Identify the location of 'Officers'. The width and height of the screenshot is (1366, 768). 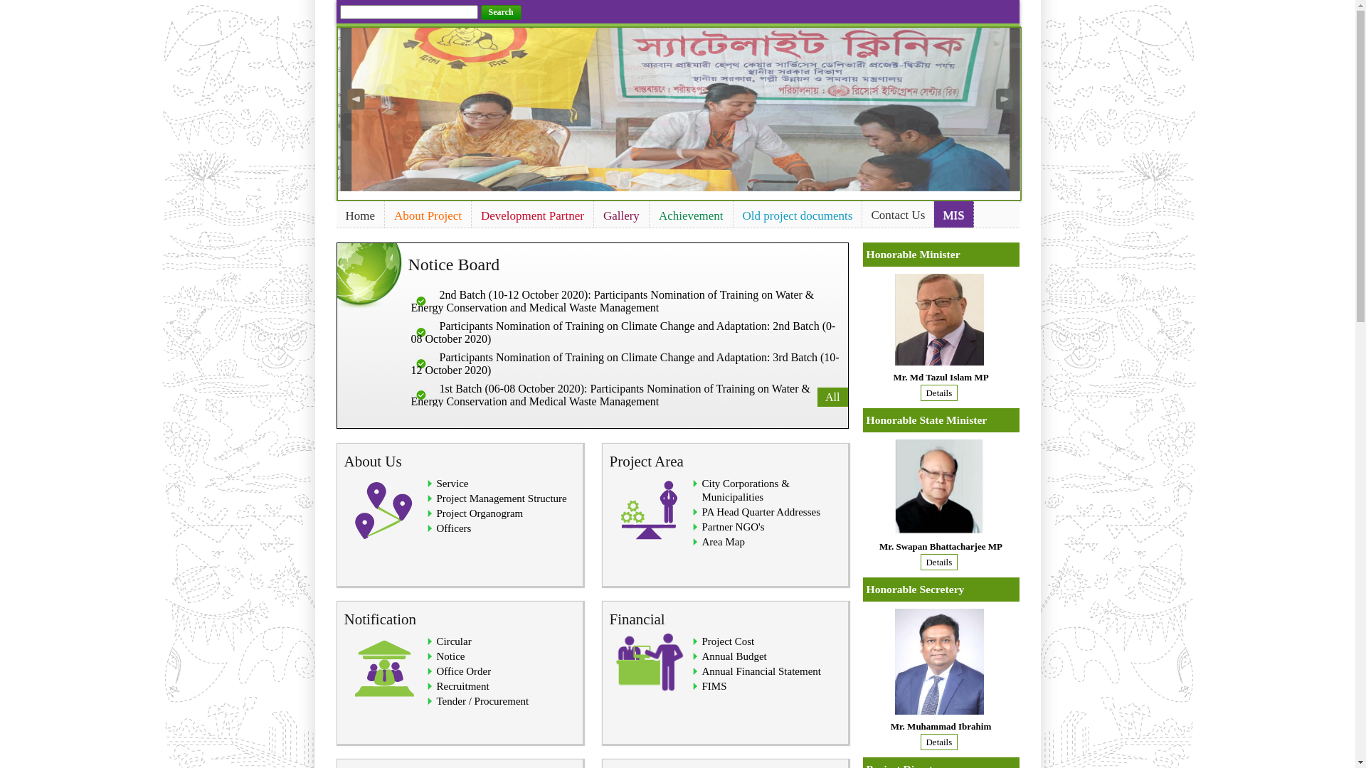
(453, 528).